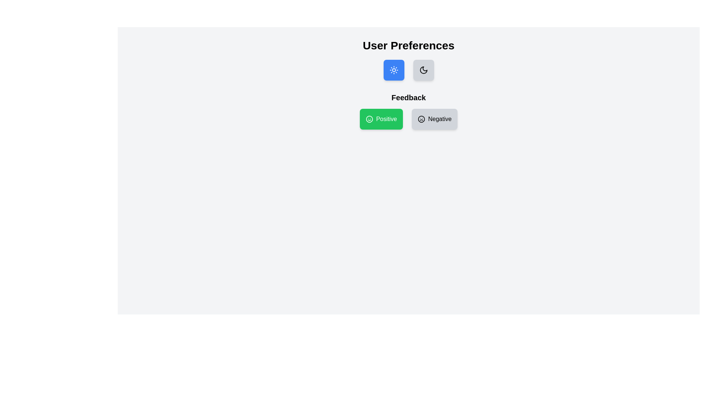 The height and width of the screenshot is (401, 713). Describe the element at coordinates (393, 70) in the screenshot. I see `the interactive 'light mode' button with a sun icon, located under 'User Preferences'` at that location.